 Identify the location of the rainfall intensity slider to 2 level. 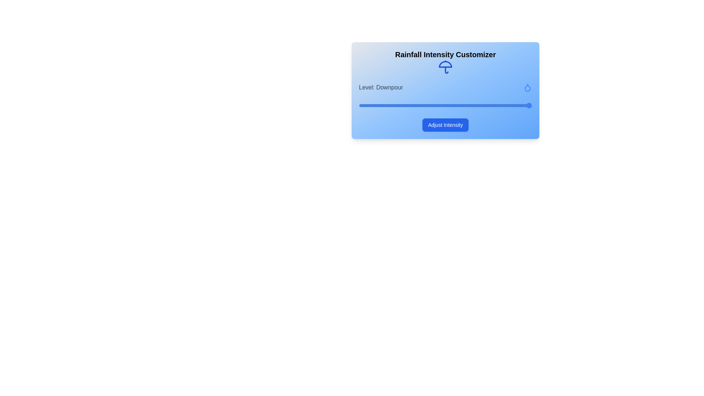
(445, 106).